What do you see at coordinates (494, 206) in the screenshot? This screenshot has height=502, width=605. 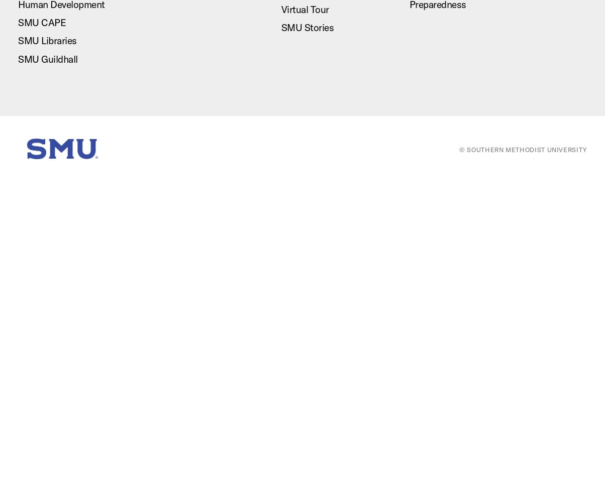 I see `'Mission Statement'` at bounding box center [494, 206].